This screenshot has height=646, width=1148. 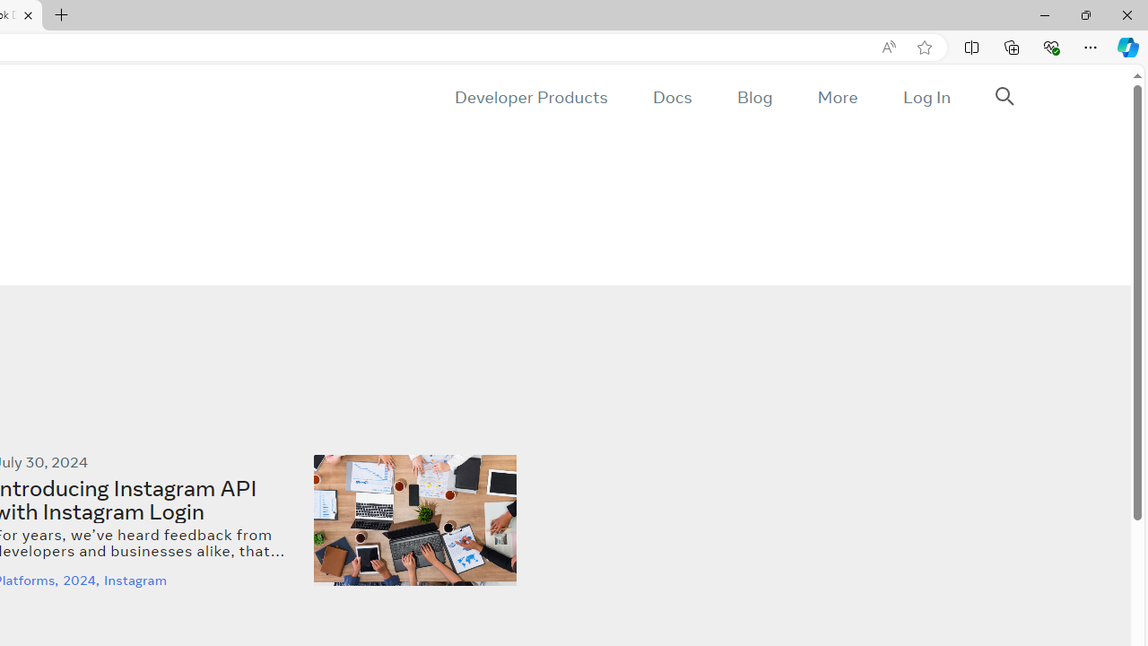 What do you see at coordinates (671, 97) in the screenshot?
I see `'Docs'` at bounding box center [671, 97].